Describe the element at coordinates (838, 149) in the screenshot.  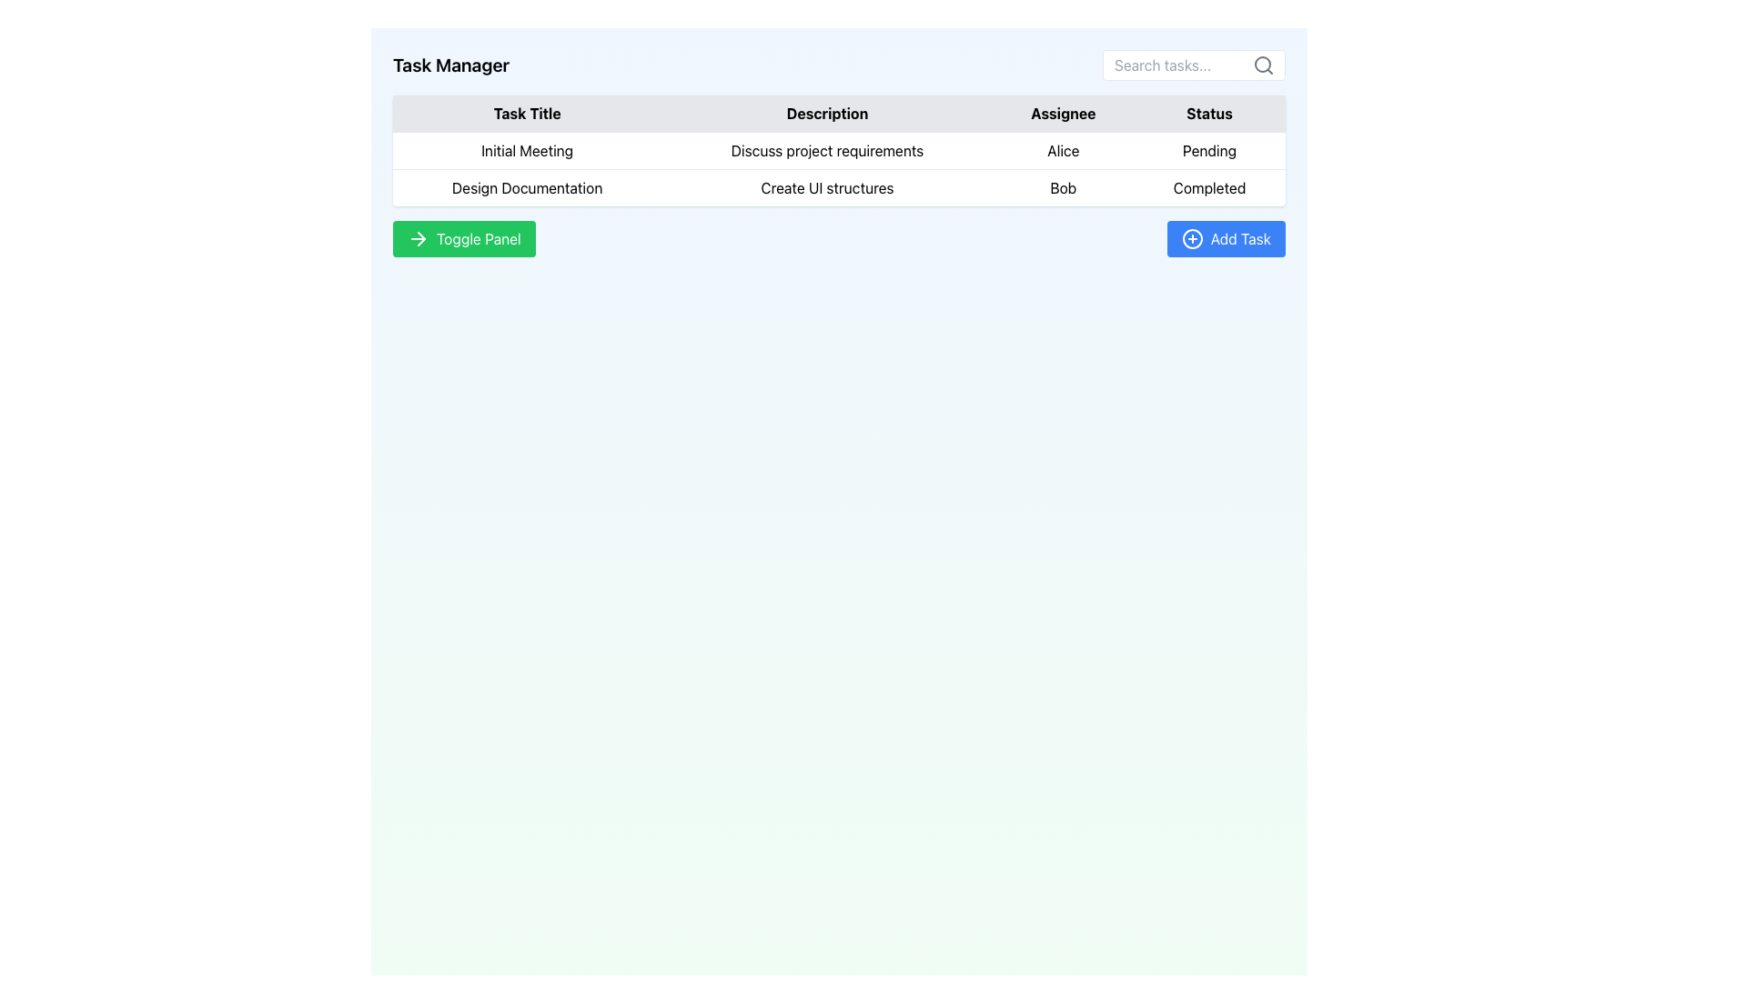
I see `the first row of the table that contains 'Initial Meeting', 'Discuss project requirements', 'Alice', and 'Pending'` at that location.